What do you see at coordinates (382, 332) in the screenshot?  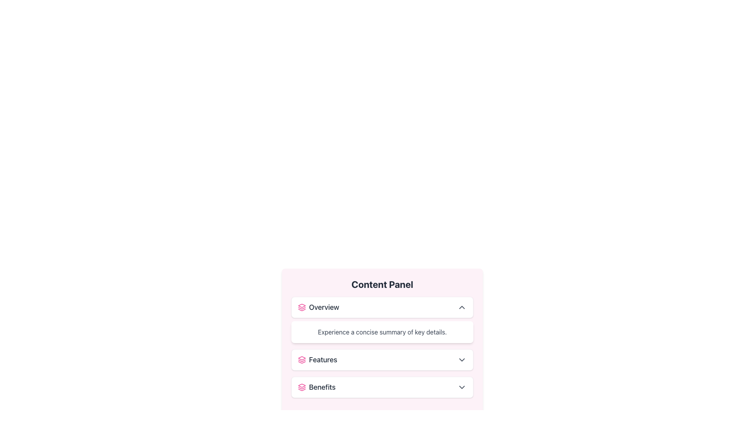 I see `the non-interactive informational text label located in the center panel labeled 'Content Panel', specifically beneath the 'Overview' section and above the 'Features' section` at bounding box center [382, 332].